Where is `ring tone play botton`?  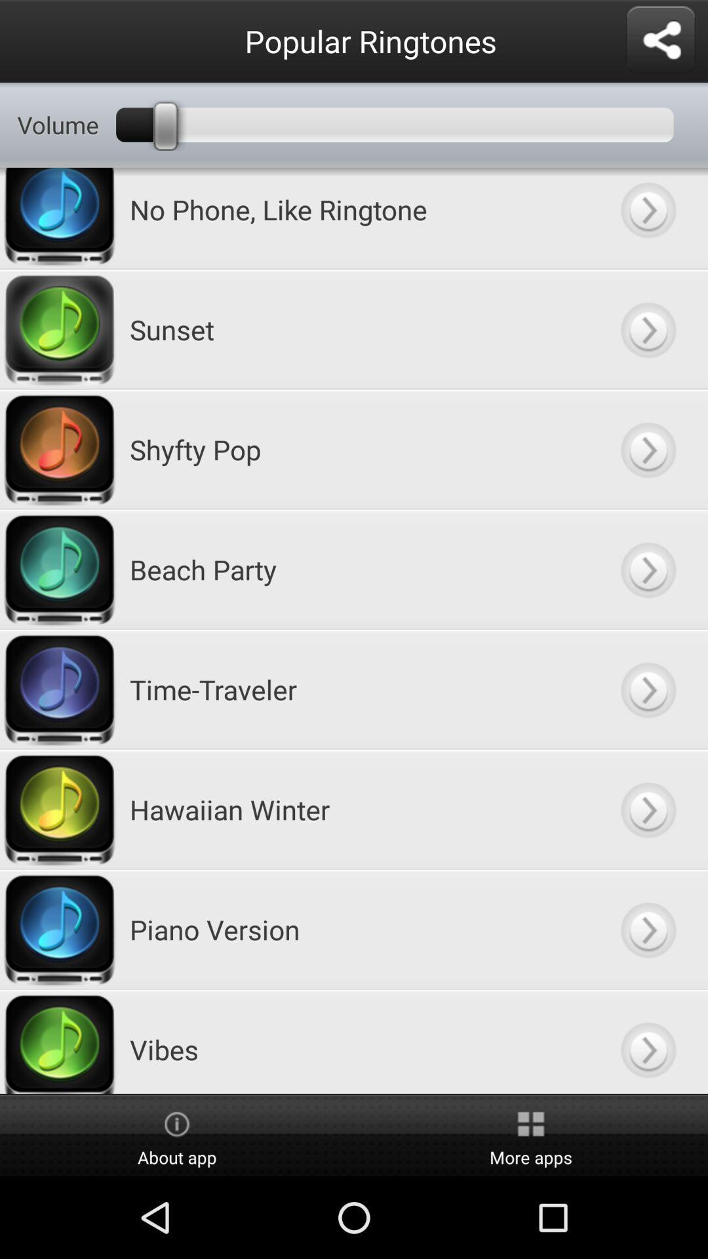 ring tone play botton is located at coordinates (647, 329).